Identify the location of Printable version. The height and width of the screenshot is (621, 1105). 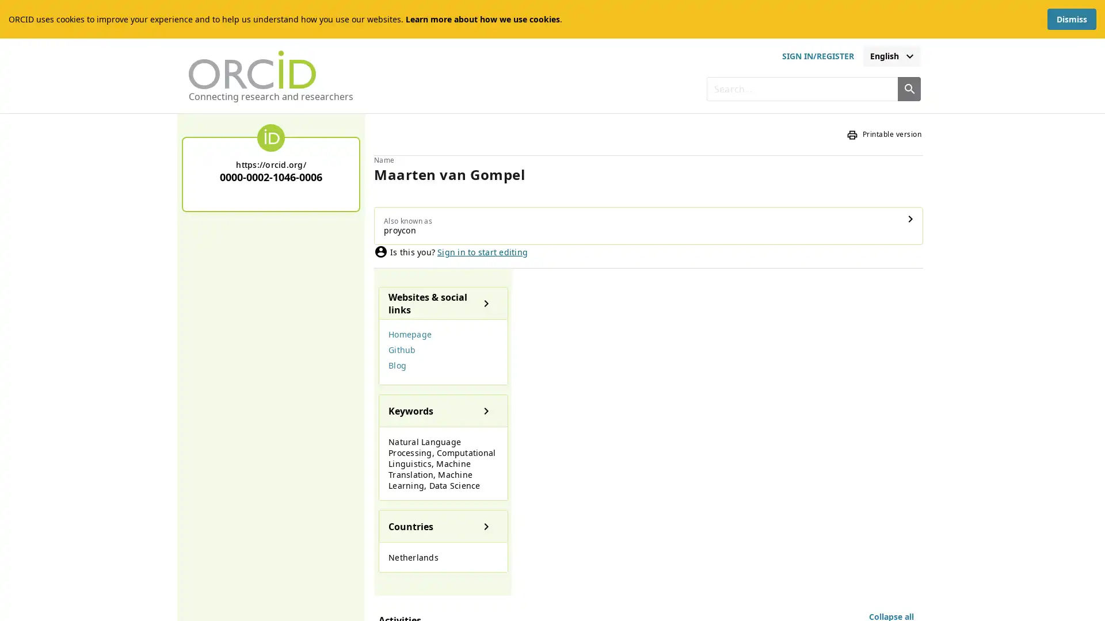
(883, 134).